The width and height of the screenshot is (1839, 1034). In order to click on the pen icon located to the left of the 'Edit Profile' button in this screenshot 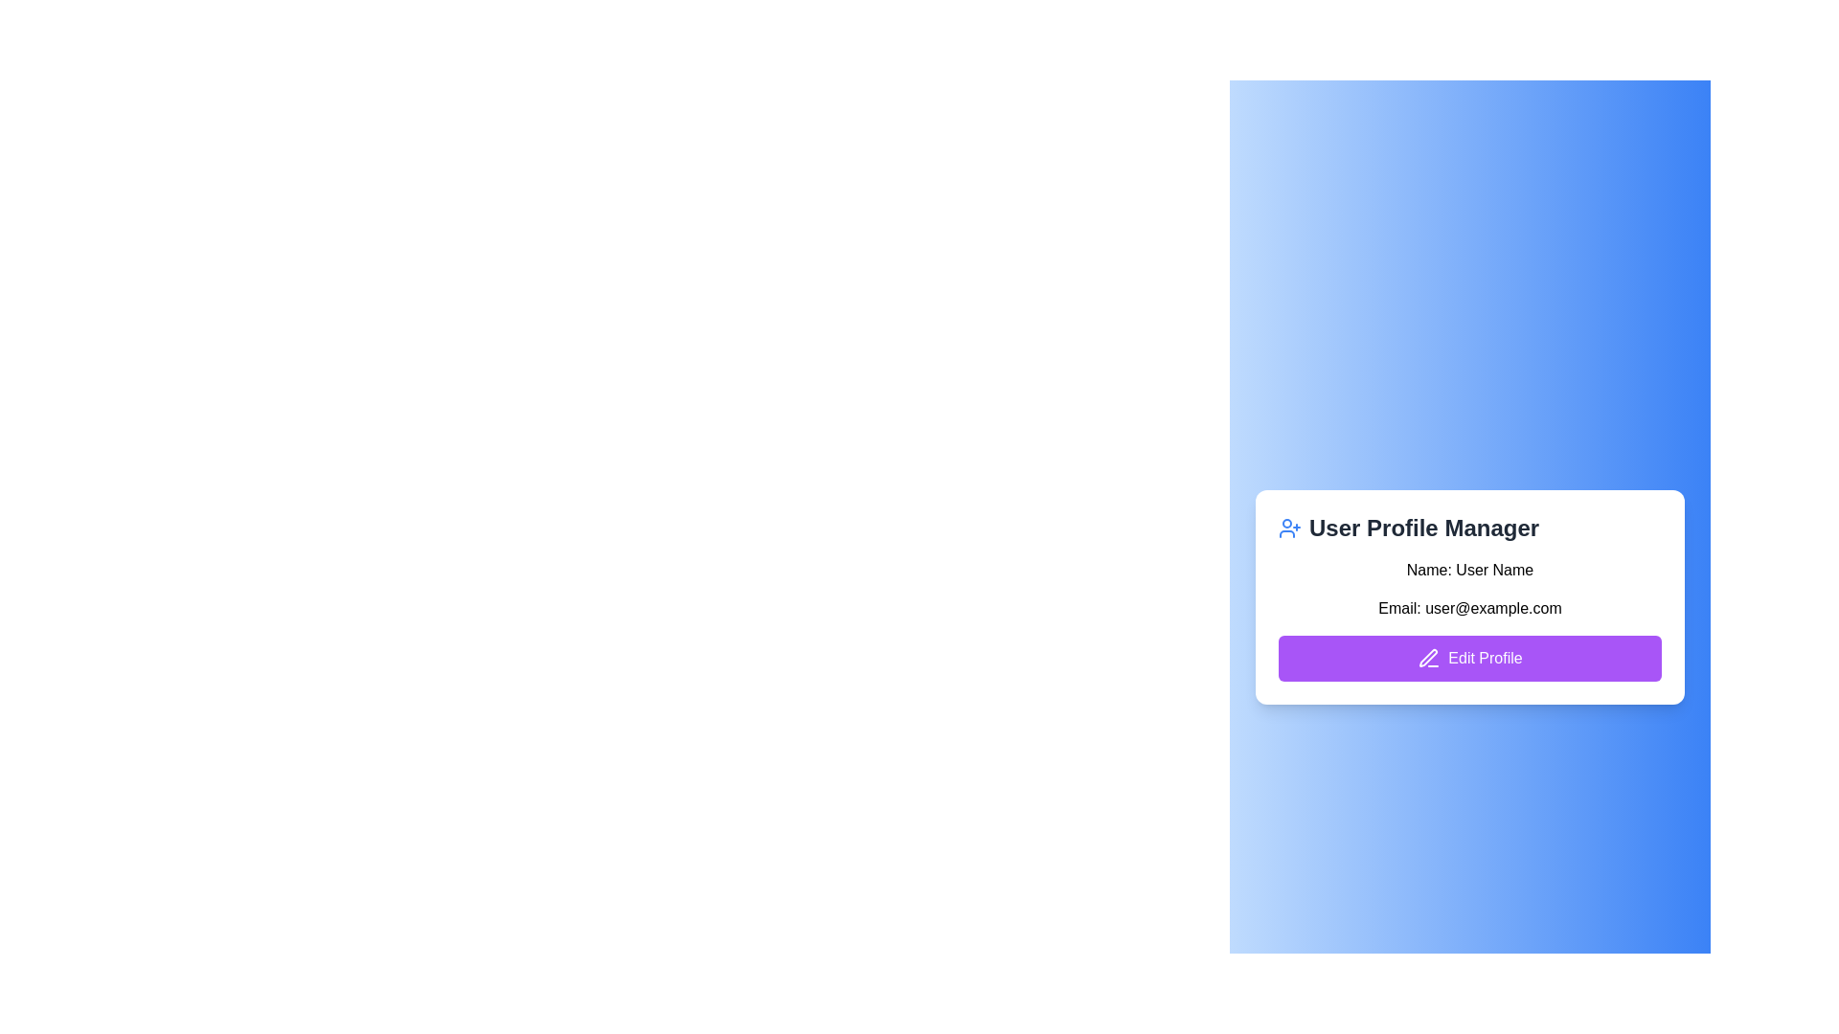, I will do `click(1428, 657)`.